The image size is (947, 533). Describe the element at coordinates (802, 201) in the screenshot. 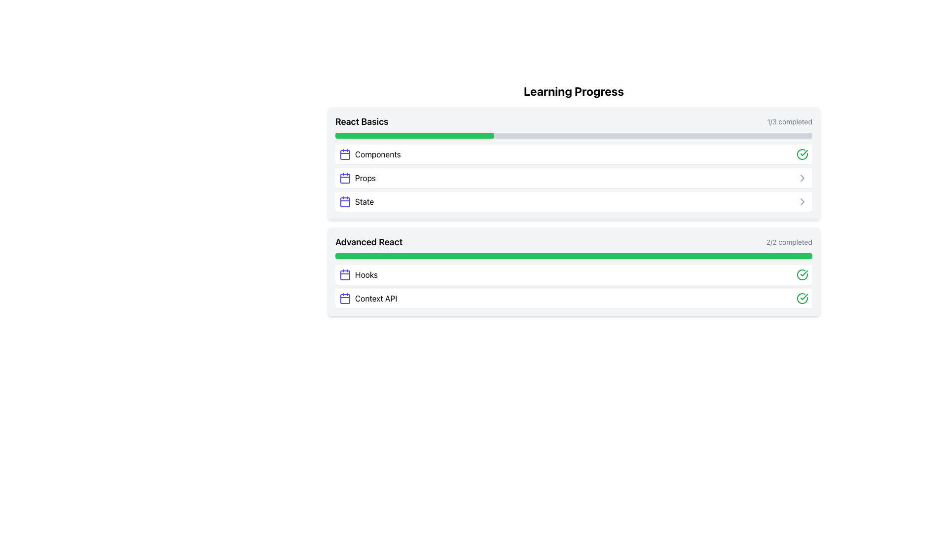

I see `the navigation control icon located to the right of the 'State' label within the 'React Basics' section` at that location.